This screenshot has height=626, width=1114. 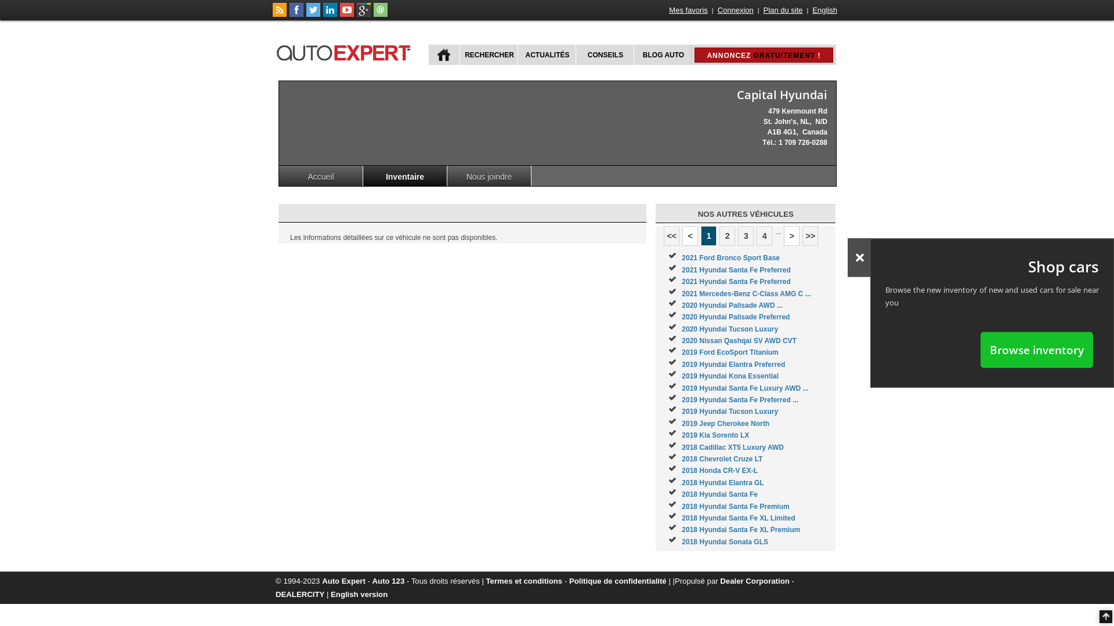 I want to click on 'Mes favoris', so click(x=688, y=10).